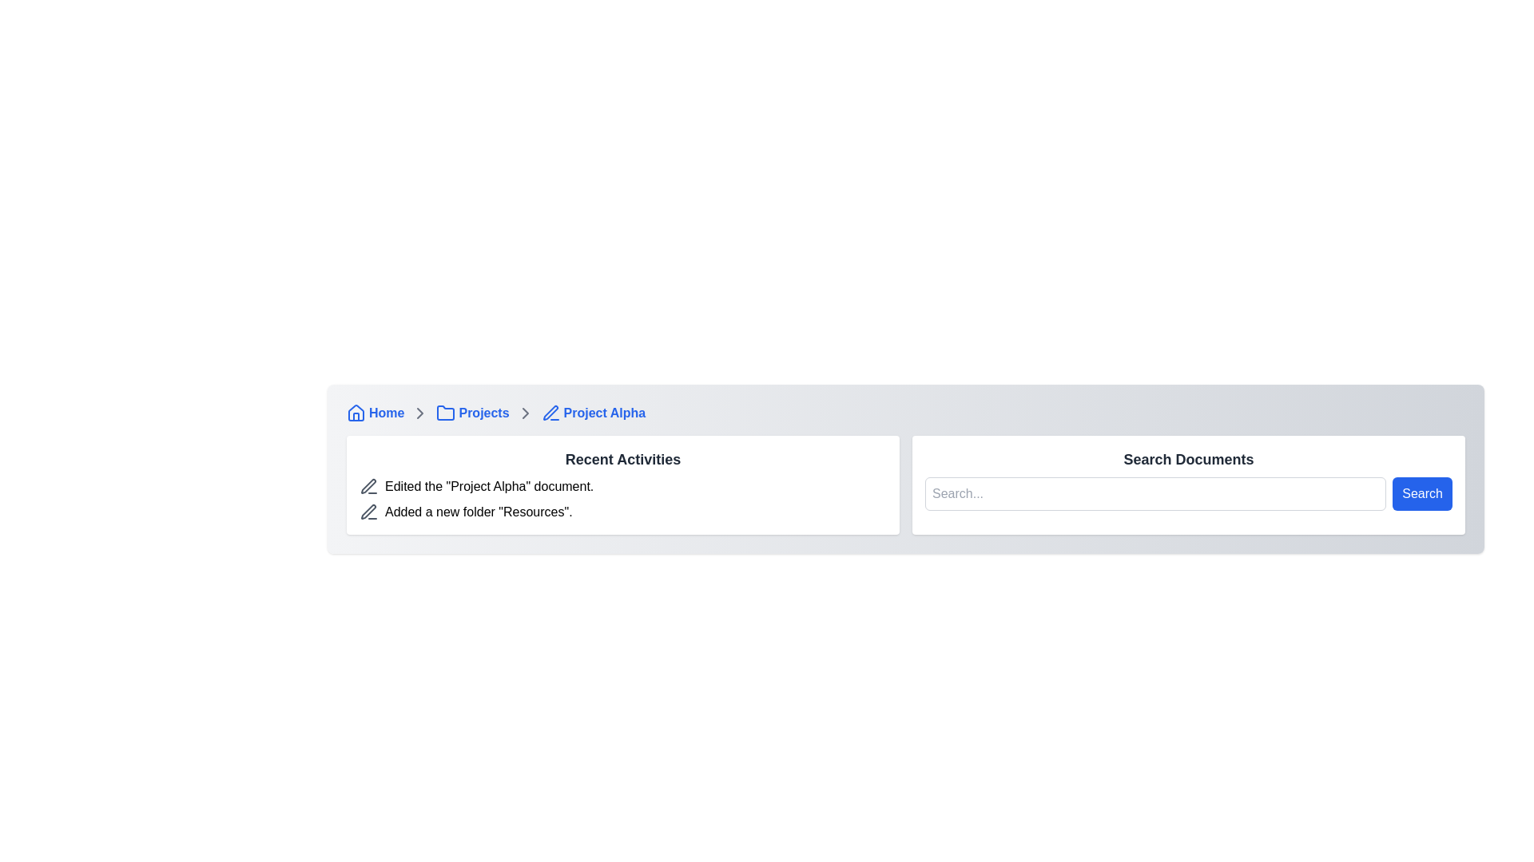 This screenshot has width=1534, height=862. What do you see at coordinates (420, 412) in the screenshot?
I see `the right-facing chevron icon in the breadcrumb navigation bar, which is styled with a thin gray outline and indicates forward navigation` at bounding box center [420, 412].